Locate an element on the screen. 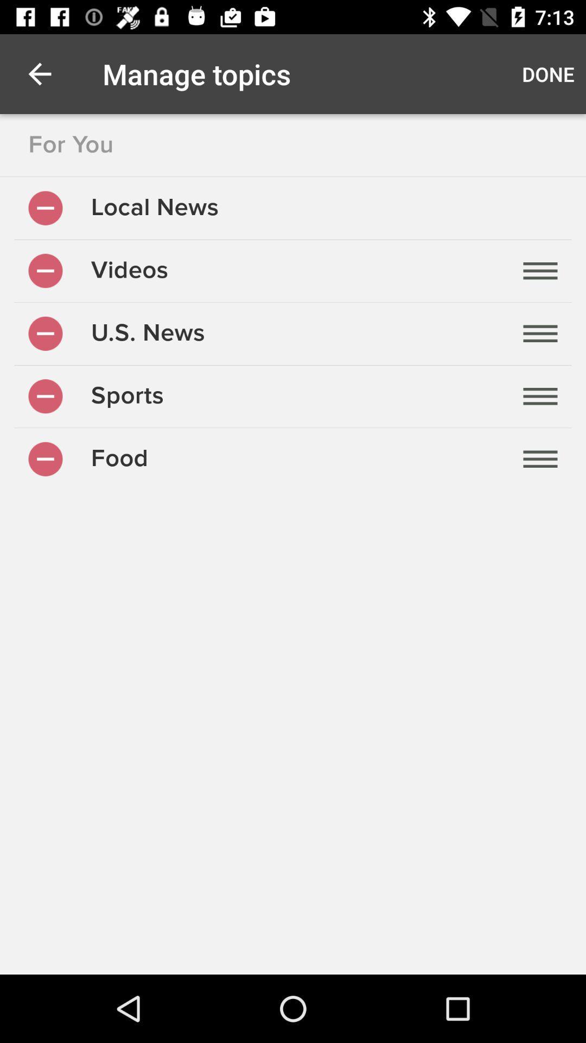 The image size is (586, 1043). remove this category is located at coordinates (45, 395).